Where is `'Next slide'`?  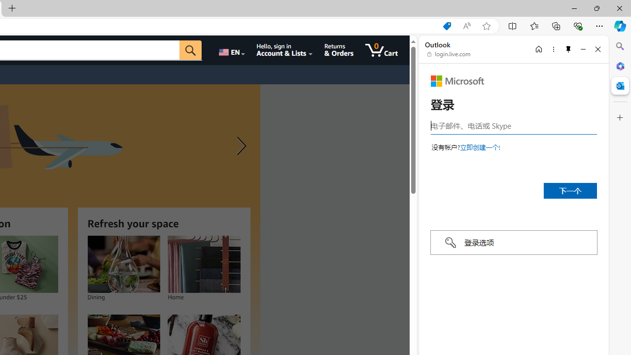 'Next slide' is located at coordinates (239, 146).